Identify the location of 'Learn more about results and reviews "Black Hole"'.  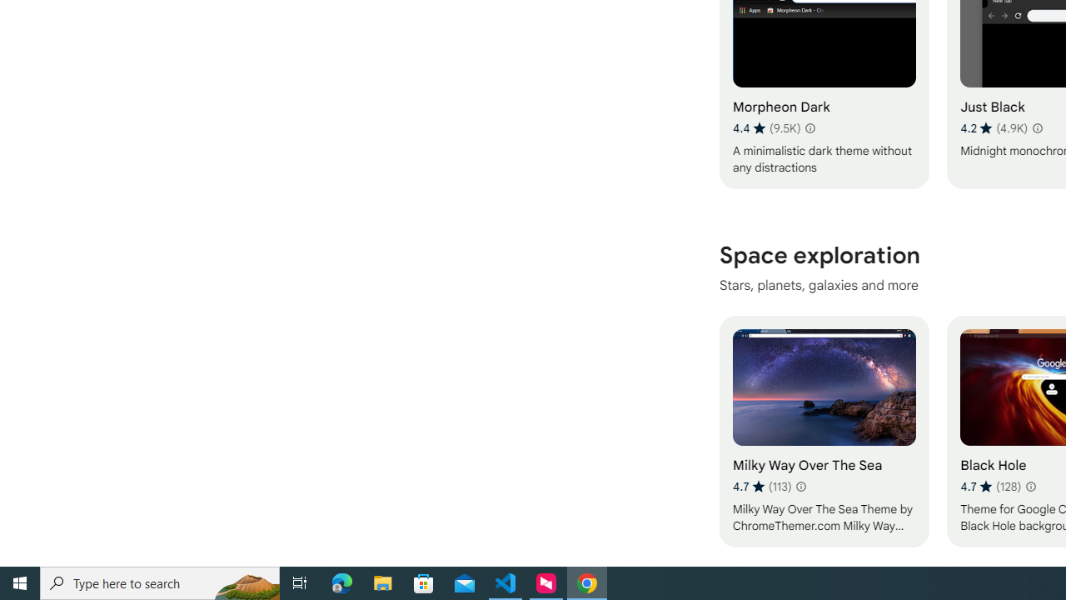
(1029, 486).